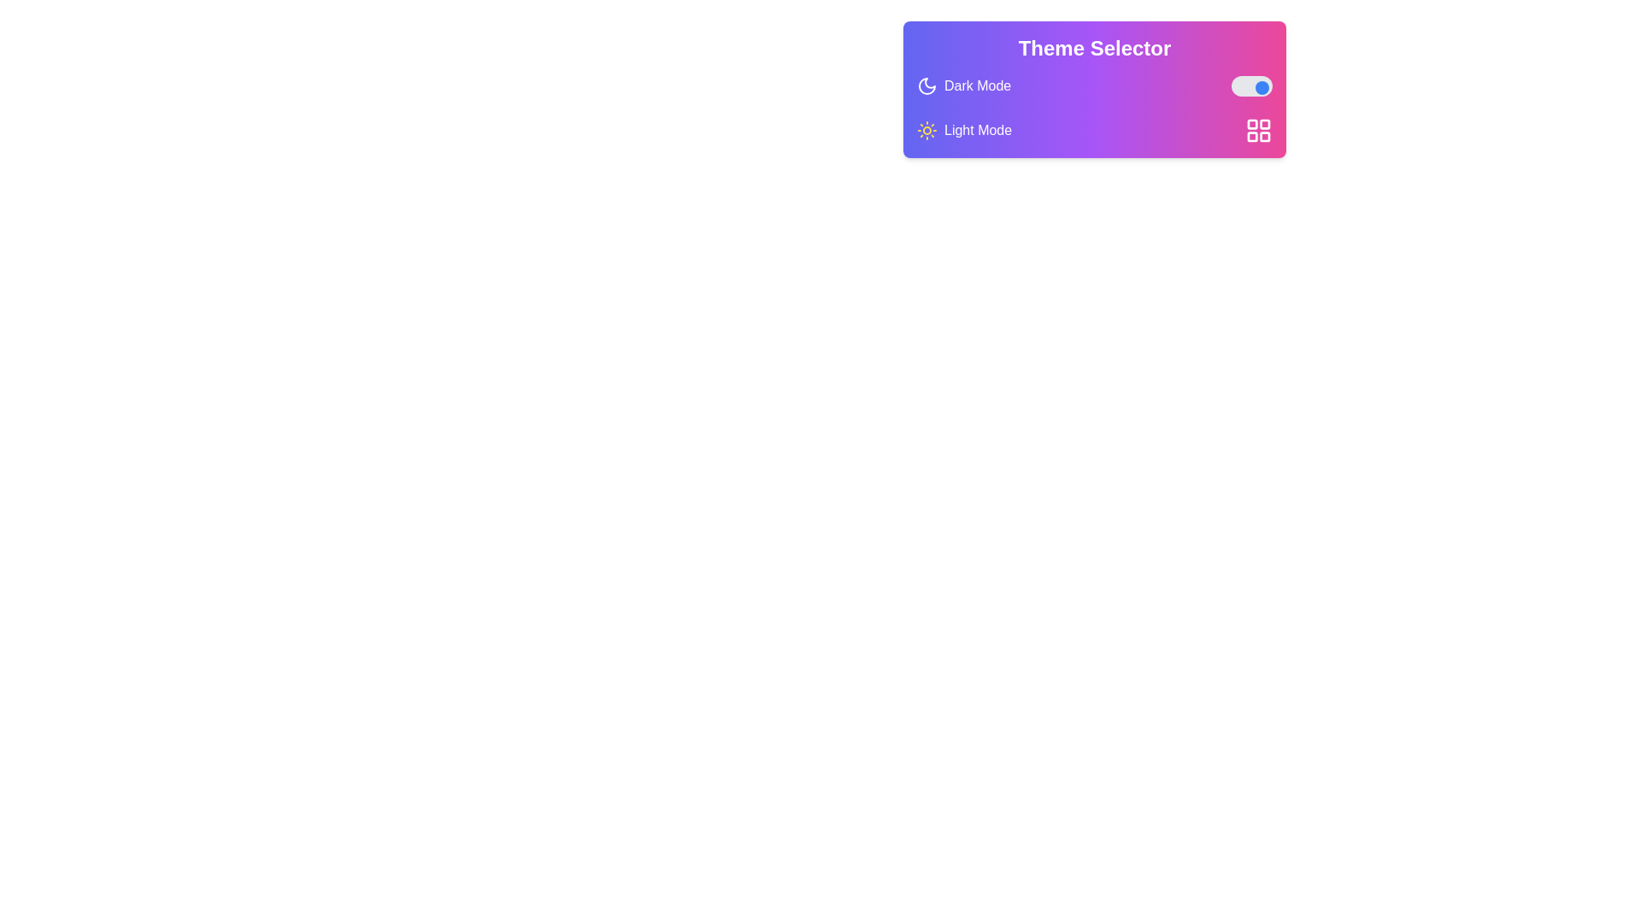 The height and width of the screenshot is (923, 1641). I want to click on the top-right square of the grid-like arrangement, so click(1264, 123).